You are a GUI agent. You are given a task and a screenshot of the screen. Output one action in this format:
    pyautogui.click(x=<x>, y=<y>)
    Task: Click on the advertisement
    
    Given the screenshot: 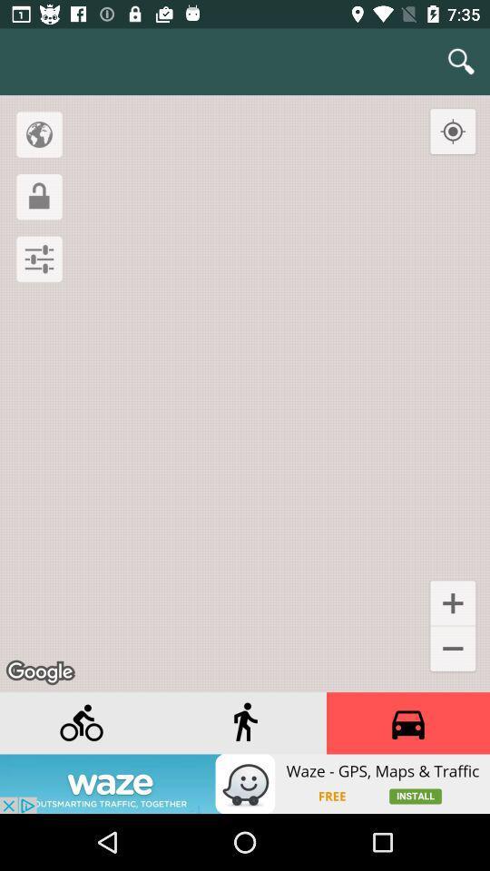 What is the action you would take?
    pyautogui.click(x=407, y=723)
    